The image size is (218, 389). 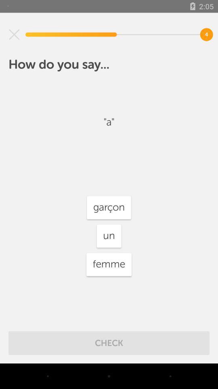 I want to click on femme icon, so click(x=109, y=264).